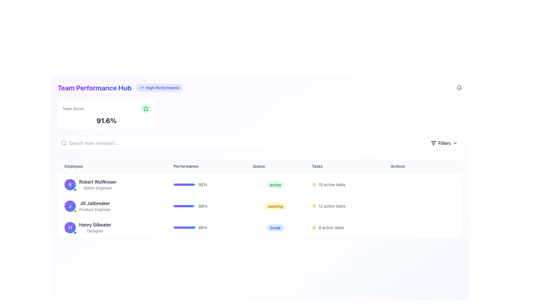 Image resolution: width=543 pixels, height=305 pixels. What do you see at coordinates (344, 206) in the screenshot?
I see `information displayed in the Text with icon that shows the number of active tasks (12) for a team member located in the 'Tasks' column of the second row of the table` at bounding box center [344, 206].